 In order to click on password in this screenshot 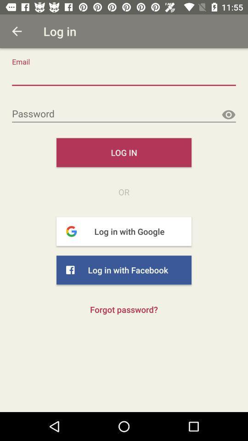, I will do `click(124, 113)`.